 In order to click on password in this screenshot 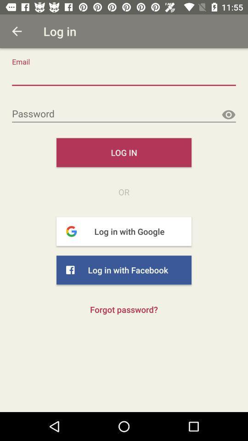, I will do `click(124, 113)`.